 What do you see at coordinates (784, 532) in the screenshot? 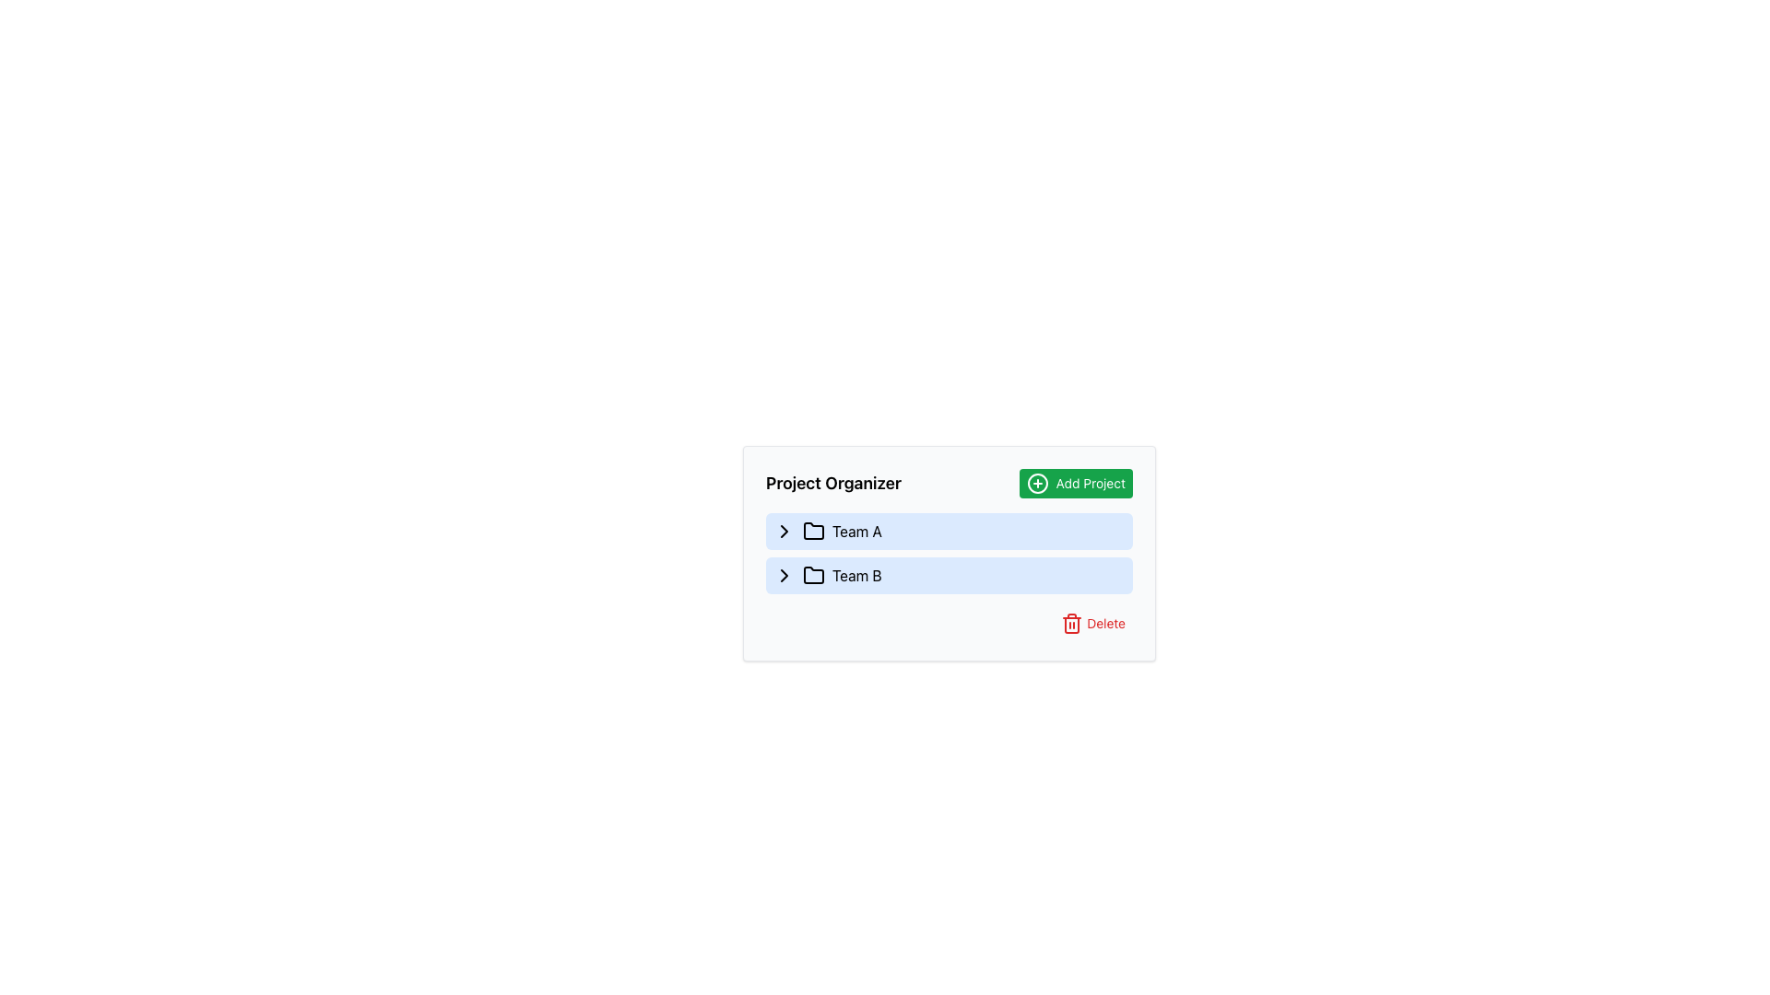
I see `the chevron icon` at bounding box center [784, 532].